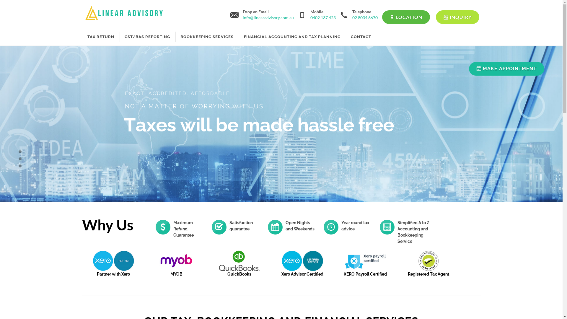  What do you see at coordinates (506, 68) in the screenshot?
I see `'MAKE APPOINTMENT'` at bounding box center [506, 68].